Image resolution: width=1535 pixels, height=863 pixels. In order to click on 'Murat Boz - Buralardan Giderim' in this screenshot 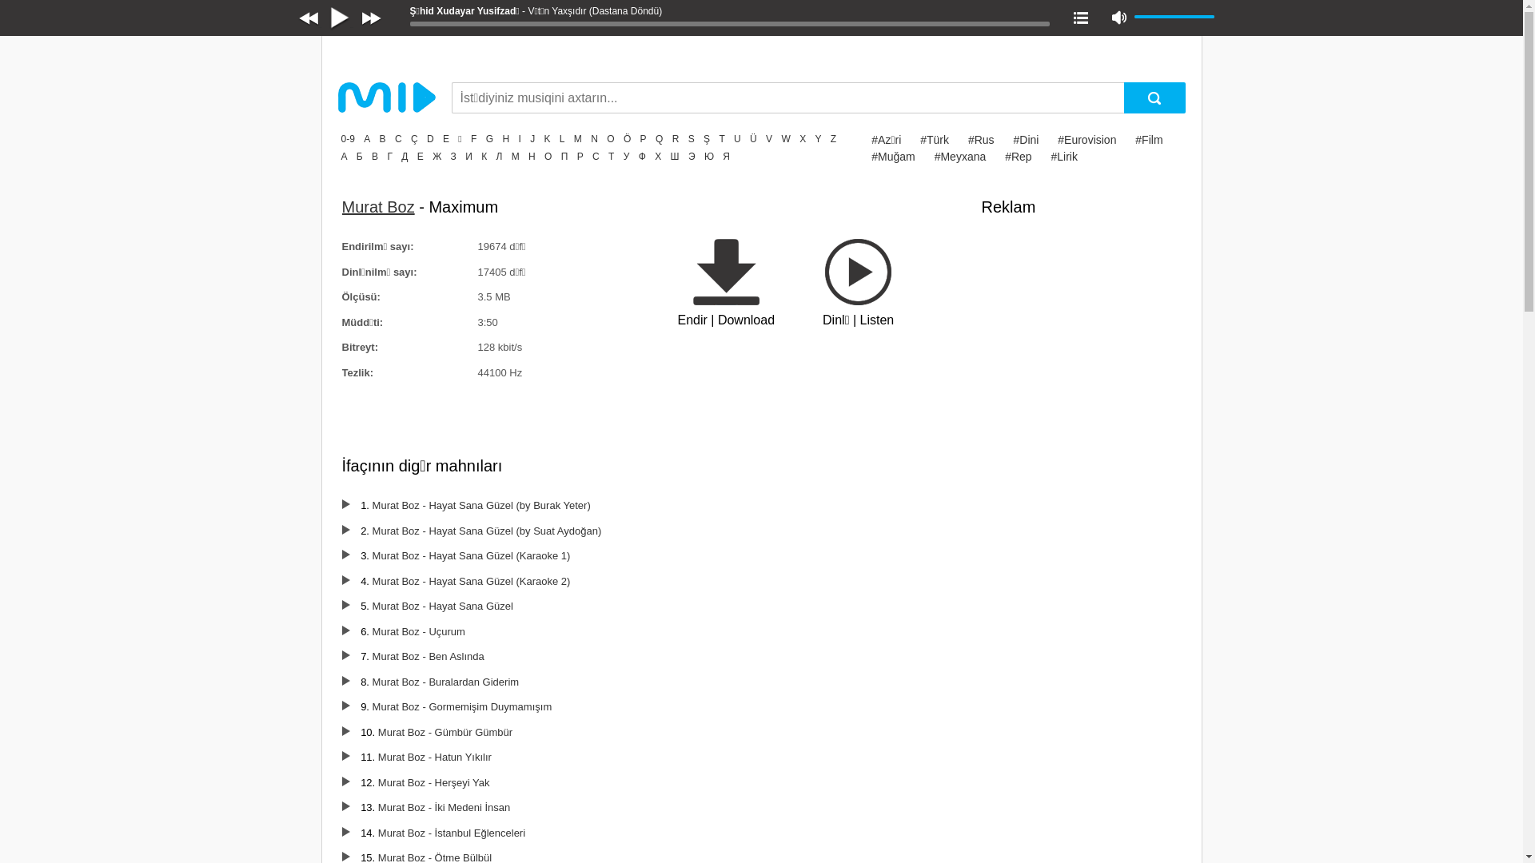, I will do `click(445, 682)`.